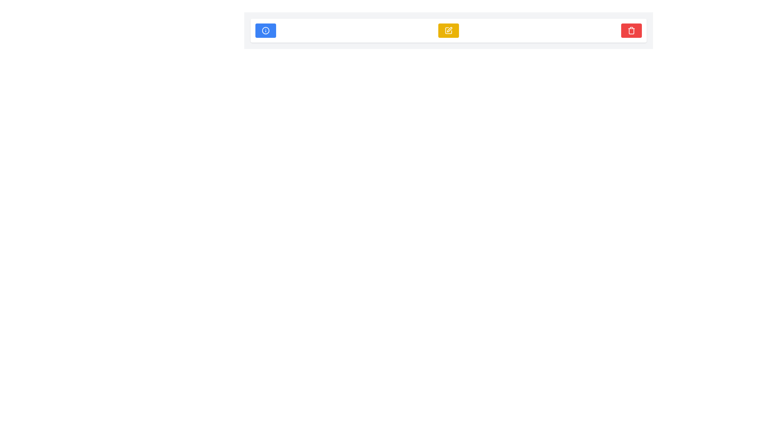 This screenshot has height=430, width=765. Describe the element at coordinates (266, 30) in the screenshot. I see `the blue rectangular button labeled 'Information'` at that location.